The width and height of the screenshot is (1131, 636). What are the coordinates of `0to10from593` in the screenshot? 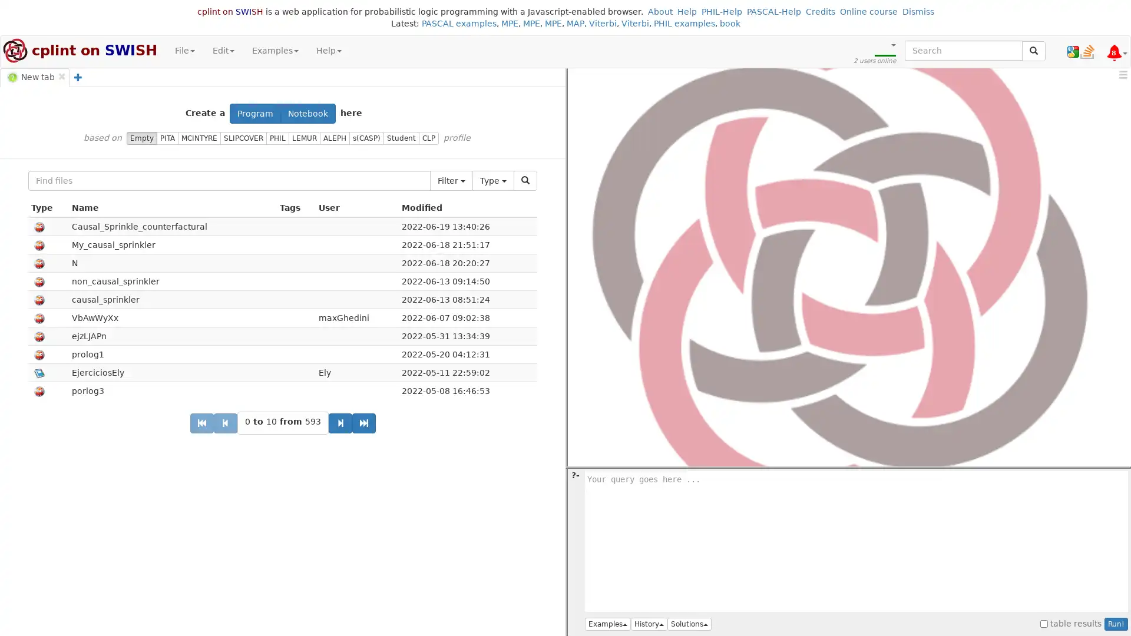 It's located at (282, 422).